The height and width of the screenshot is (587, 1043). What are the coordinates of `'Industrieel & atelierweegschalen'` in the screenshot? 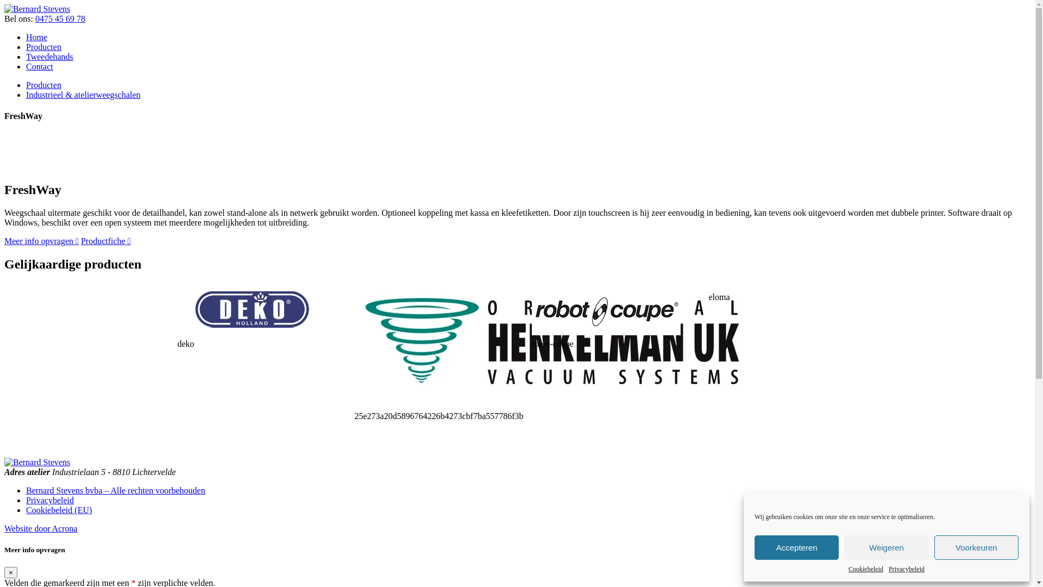 It's located at (83, 94).